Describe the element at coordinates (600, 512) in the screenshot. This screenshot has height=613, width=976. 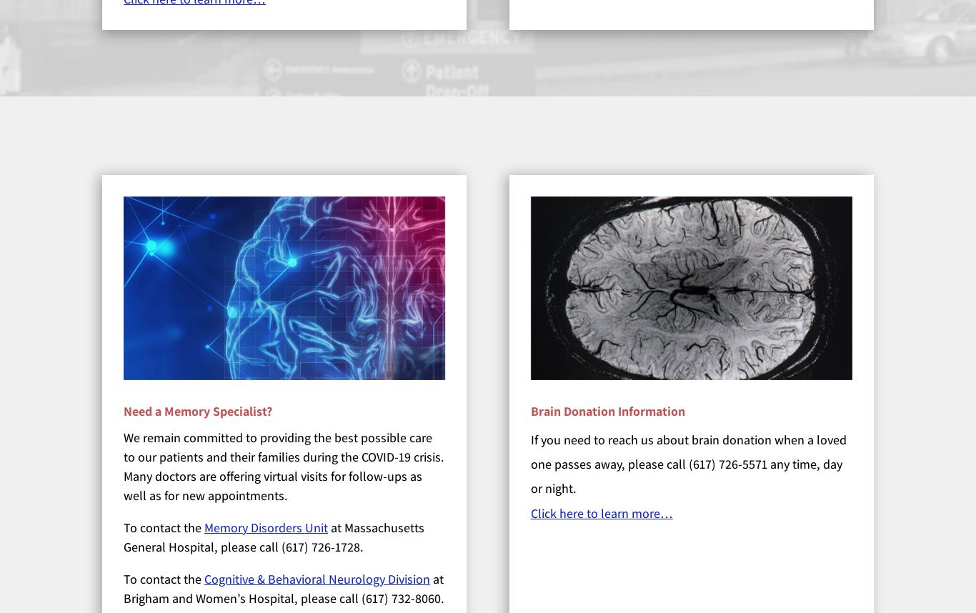
I see `'Click here to learn more…'` at that location.